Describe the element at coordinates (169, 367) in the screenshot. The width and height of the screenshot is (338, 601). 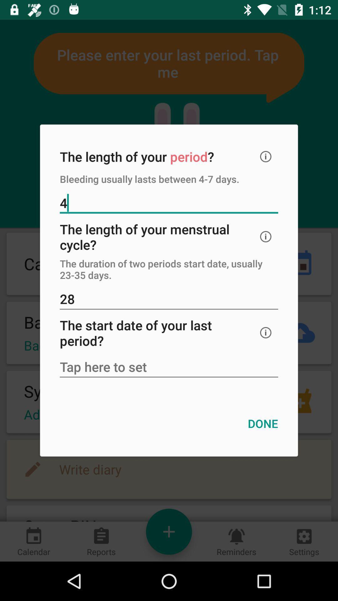
I see `write date` at that location.